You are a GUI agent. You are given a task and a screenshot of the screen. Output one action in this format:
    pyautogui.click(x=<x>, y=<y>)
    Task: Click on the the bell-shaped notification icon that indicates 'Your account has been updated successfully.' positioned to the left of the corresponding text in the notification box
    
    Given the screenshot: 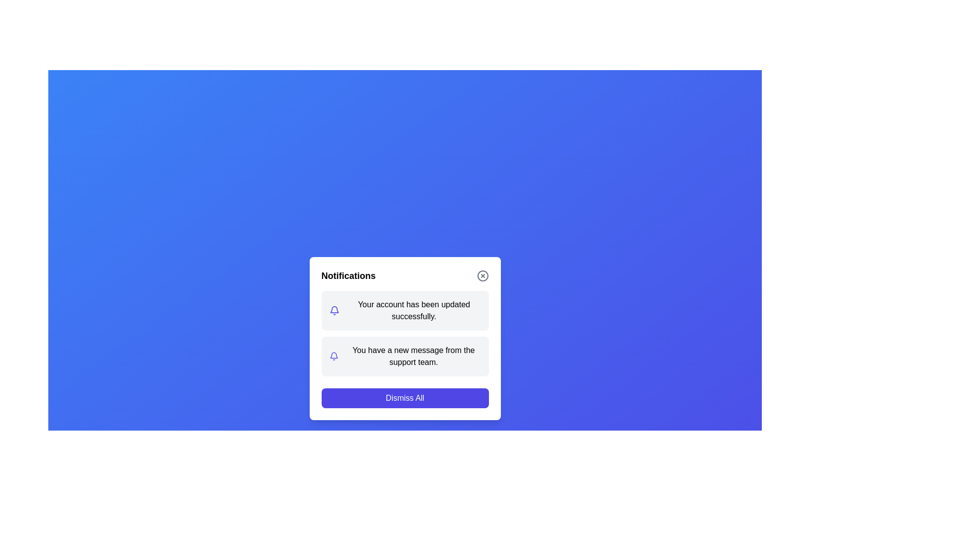 What is the action you would take?
    pyautogui.click(x=334, y=310)
    